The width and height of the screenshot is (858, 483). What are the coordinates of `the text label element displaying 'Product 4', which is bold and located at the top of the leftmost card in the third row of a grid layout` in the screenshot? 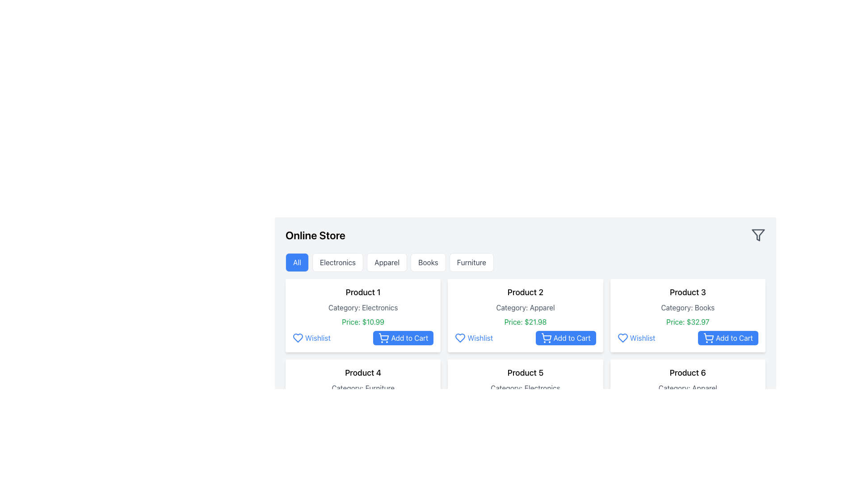 It's located at (363, 373).